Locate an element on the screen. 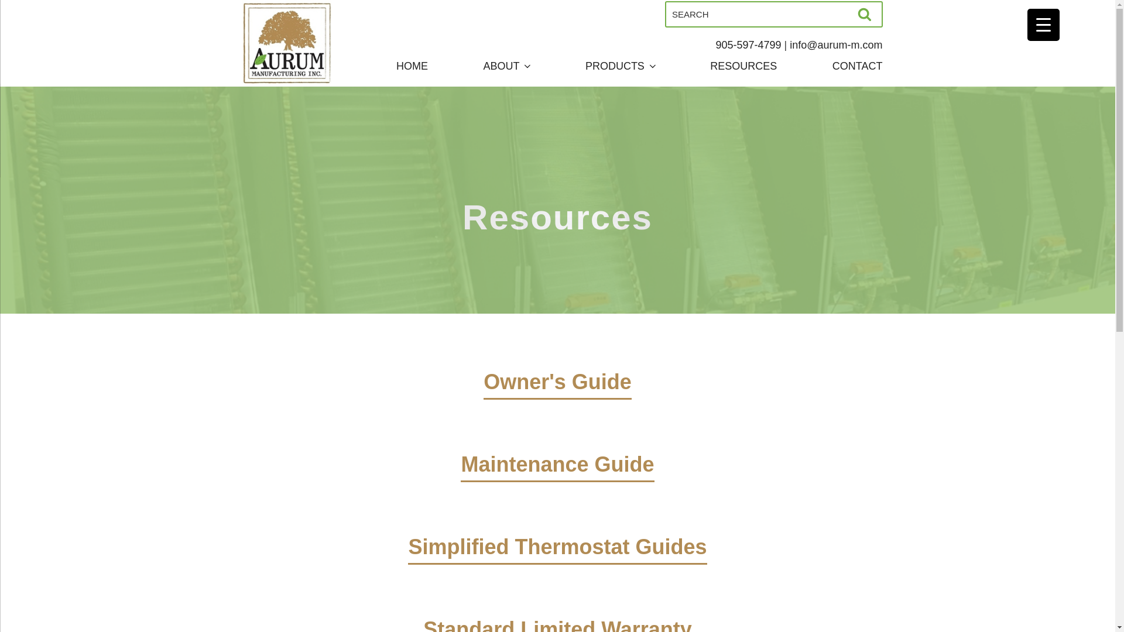 Image resolution: width=1124 pixels, height=632 pixels. '905-597-4799' is located at coordinates (747, 44).